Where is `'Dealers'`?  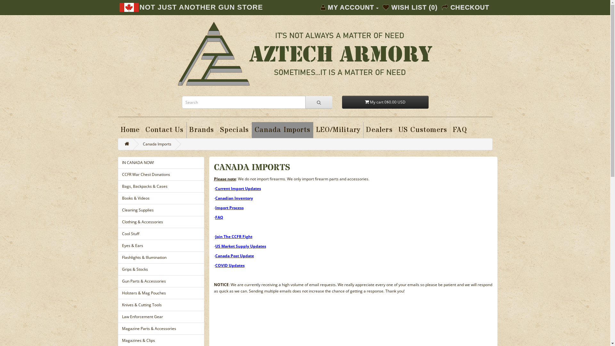 'Dealers' is located at coordinates (379, 130).